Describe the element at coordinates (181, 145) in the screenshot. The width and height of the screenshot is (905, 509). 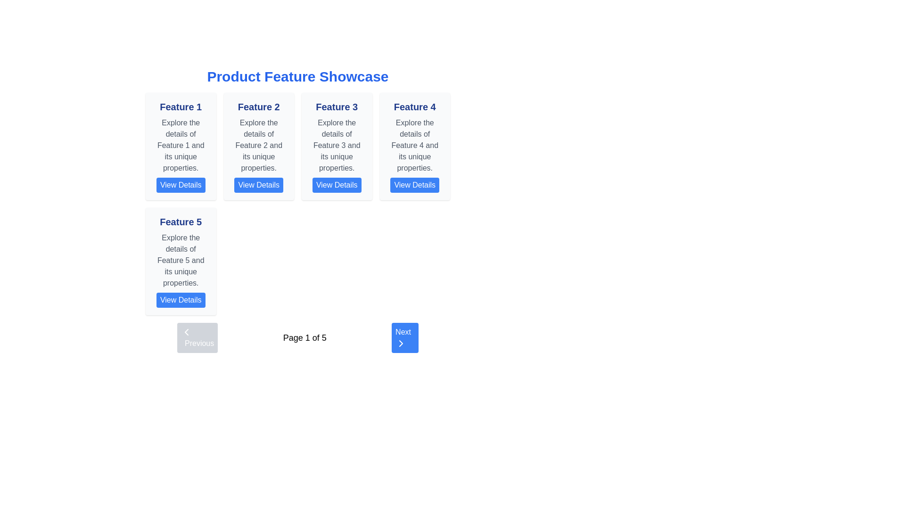
I see `the text element reading 'Explore the details of Feature 1 and its unique properties.' It is styled in gray font and located within a light gray background box under the card labeled 'Feature 1.'` at that location.